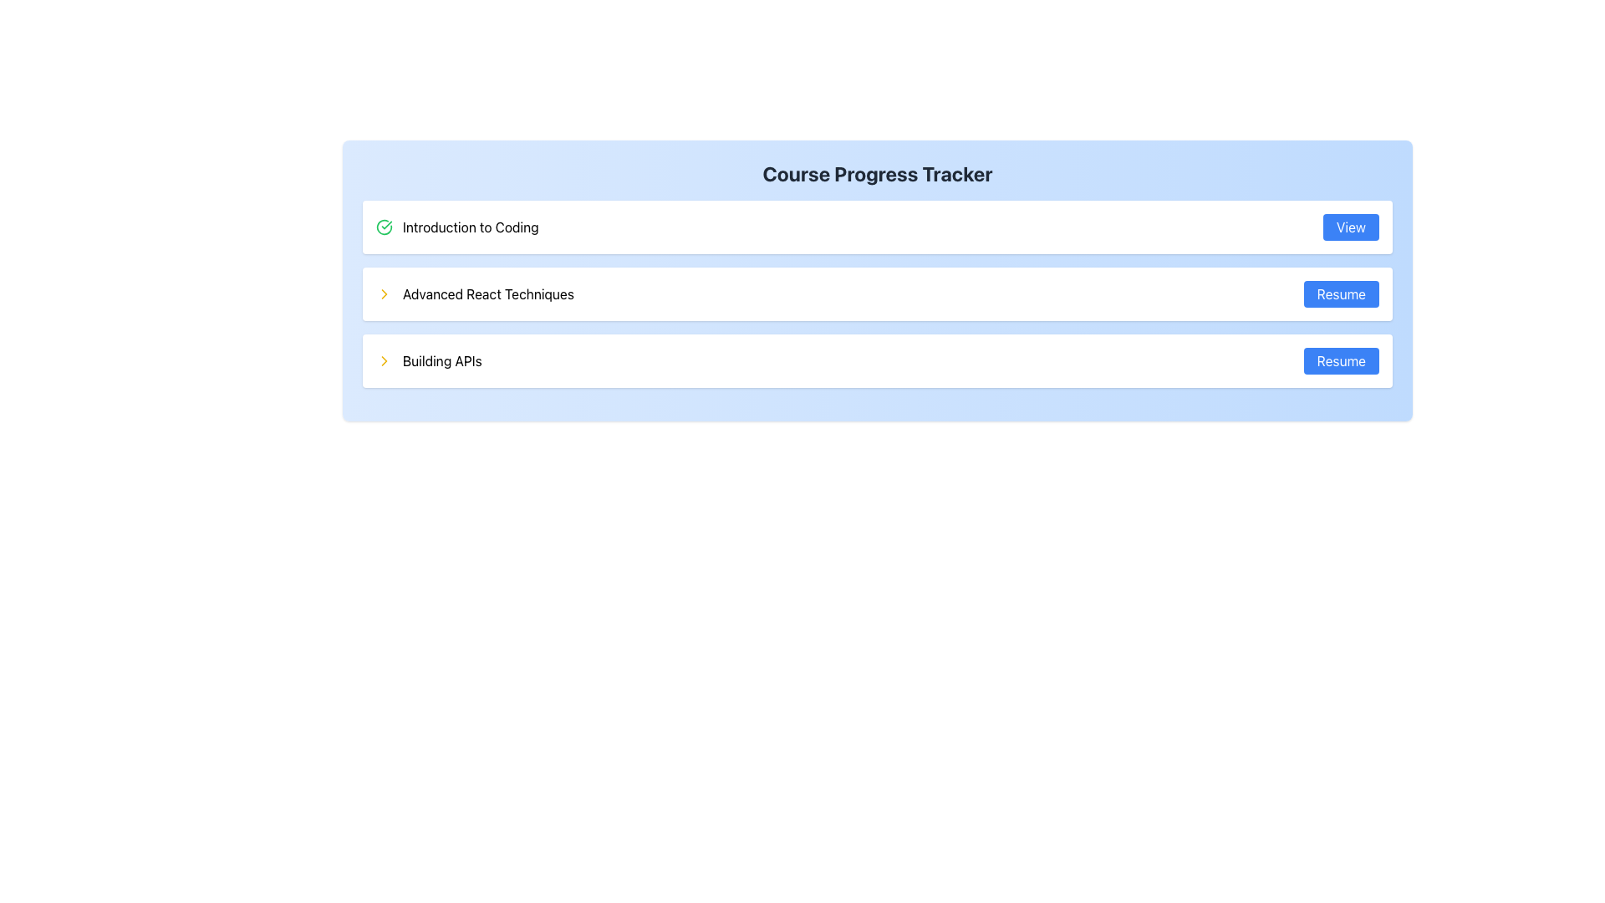 Image resolution: width=1605 pixels, height=903 pixels. I want to click on the 'Resume' button with a blue background located in the 'Advanced React Techniques' section, positioned to the far right of the second row, so click(1341, 293).